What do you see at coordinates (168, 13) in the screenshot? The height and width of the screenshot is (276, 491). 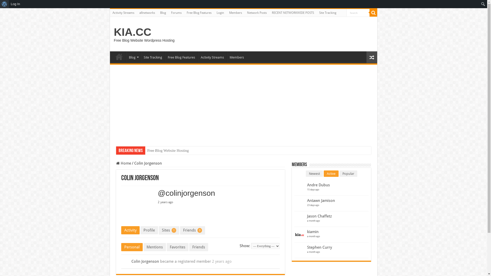 I see `'Forums'` at bounding box center [168, 13].